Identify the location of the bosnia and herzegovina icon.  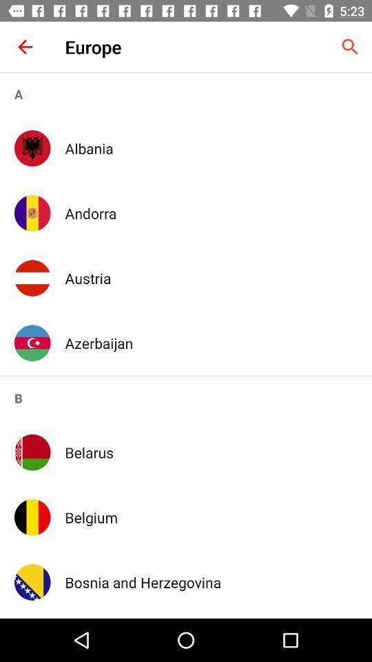
(211, 581).